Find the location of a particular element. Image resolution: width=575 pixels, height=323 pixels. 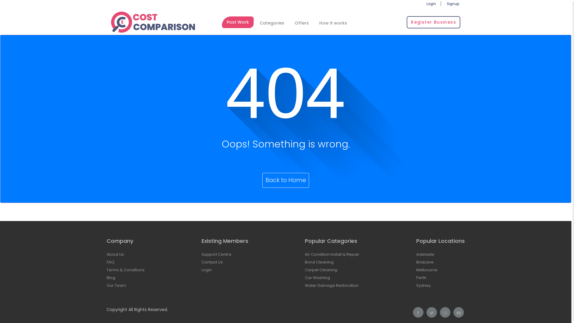

'Air Condition Install & Repair' is located at coordinates (332, 254).